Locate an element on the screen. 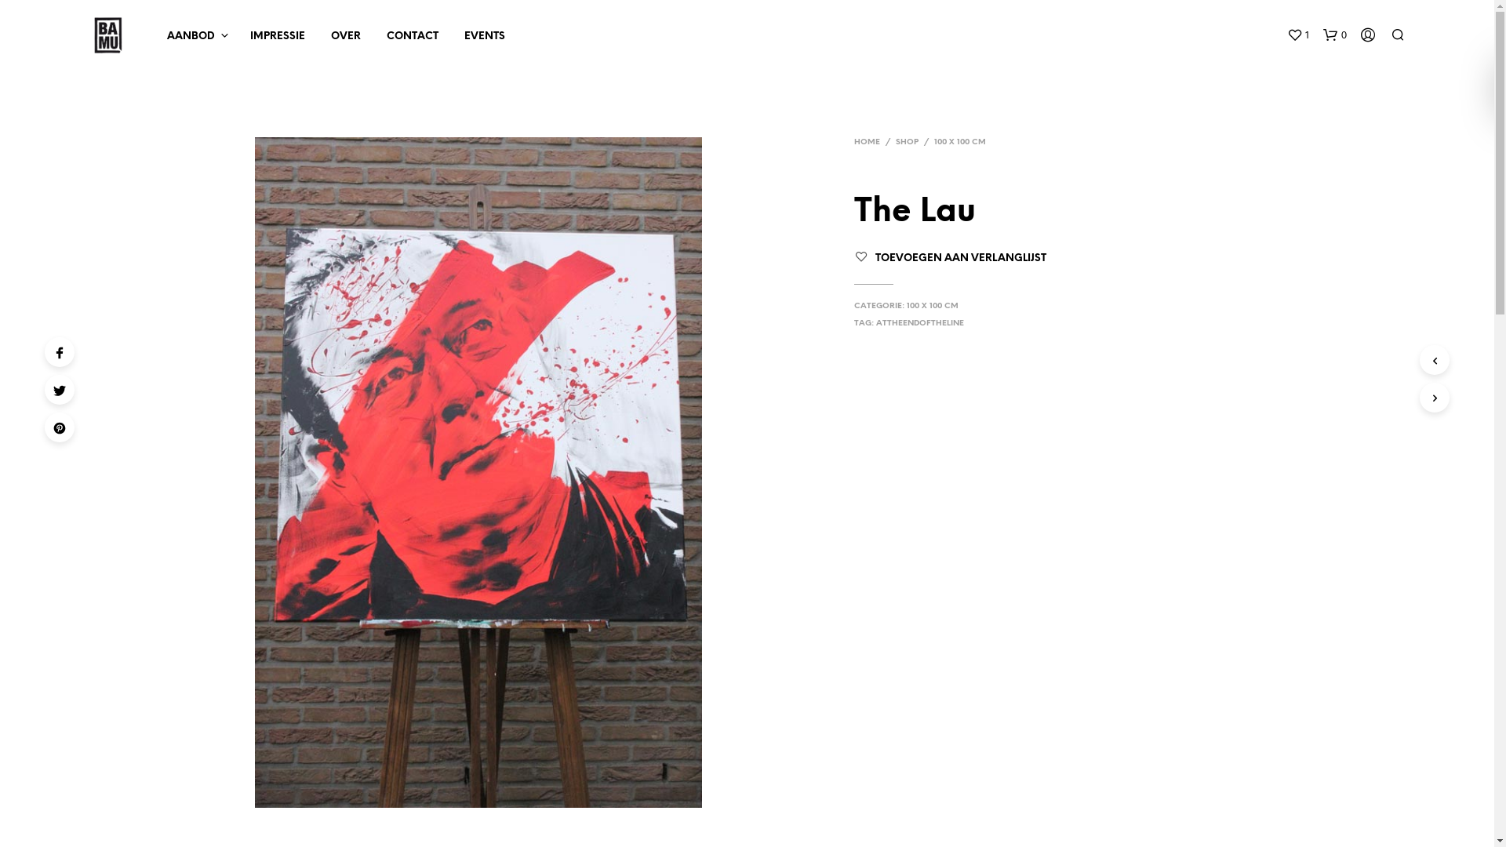 The height and width of the screenshot is (847, 1506). 'HOME' is located at coordinates (866, 142).